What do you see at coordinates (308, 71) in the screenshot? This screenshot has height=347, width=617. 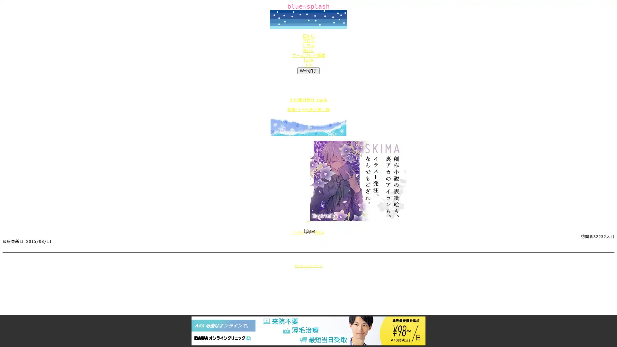 I see `Web` at bounding box center [308, 71].